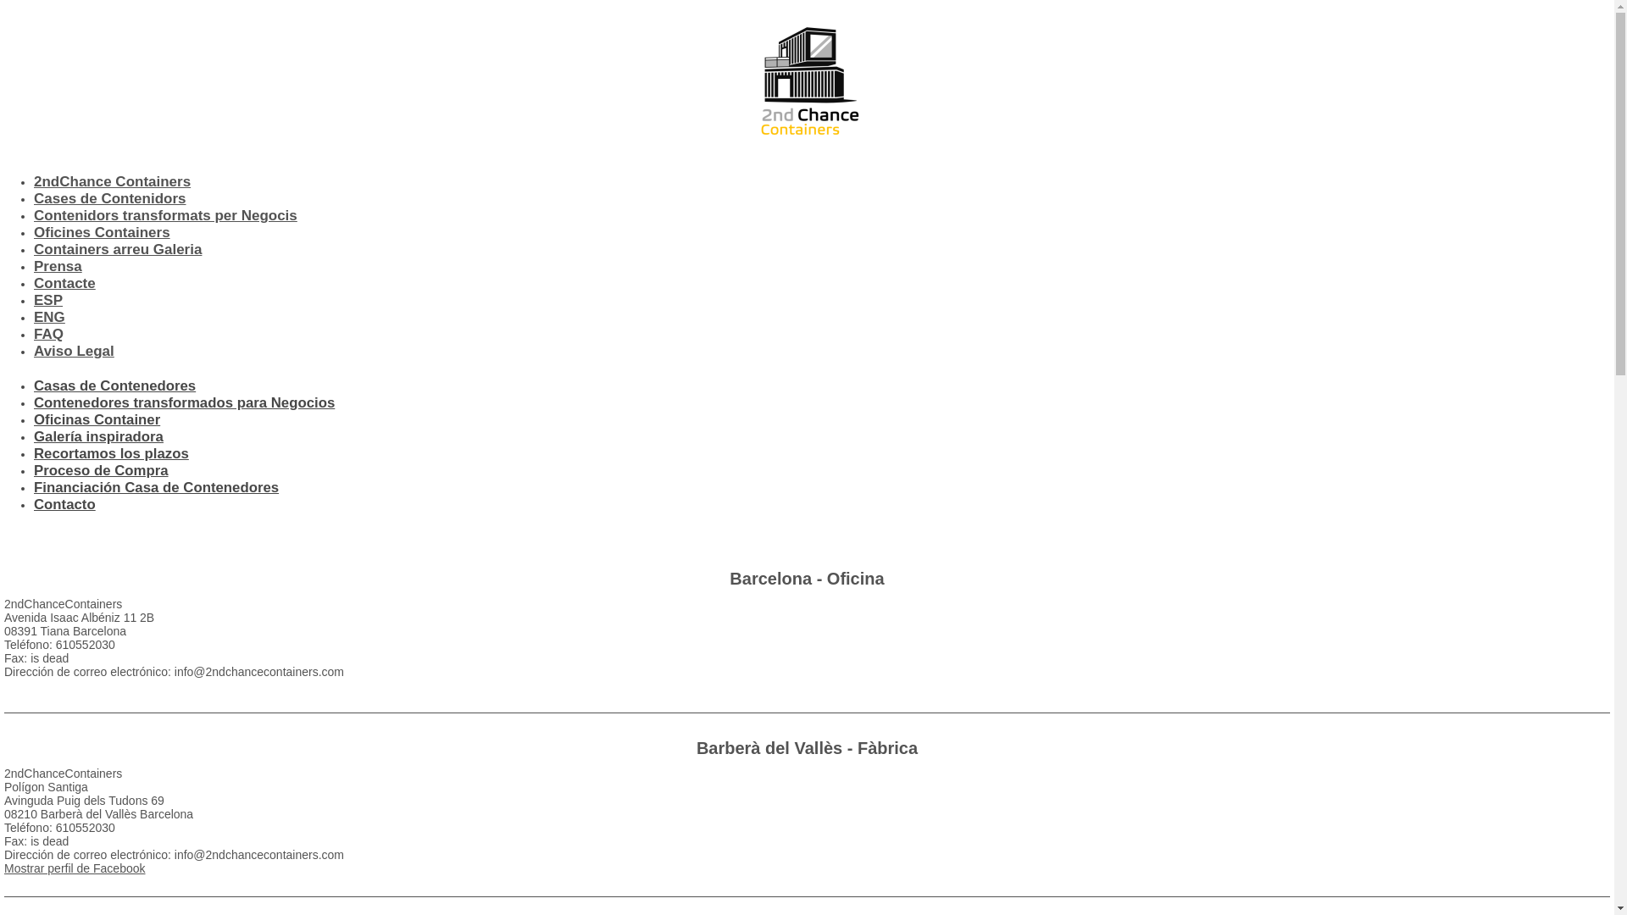 The width and height of the screenshot is (1627, 915). What do you see at coordinates (96, 419) in the screenshot?
I see `'Oficinas Container'` at bounding box center [96, 419].